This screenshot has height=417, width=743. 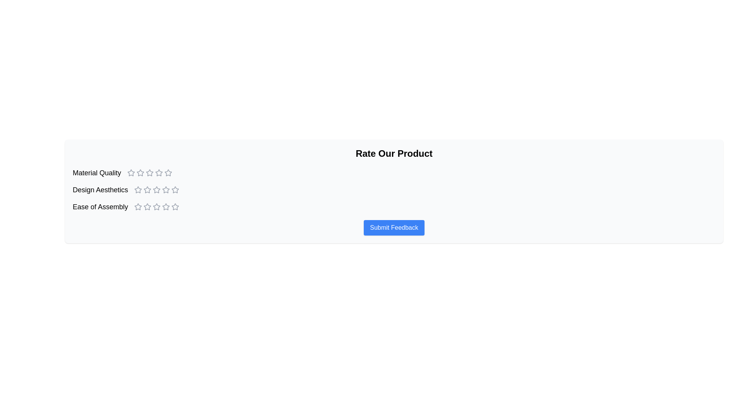 What do you see at coordinates (168, 172) in the screenshot?
I see `the fourth rating star in the 'Material Quality' row` at bounding box center [168, 172].